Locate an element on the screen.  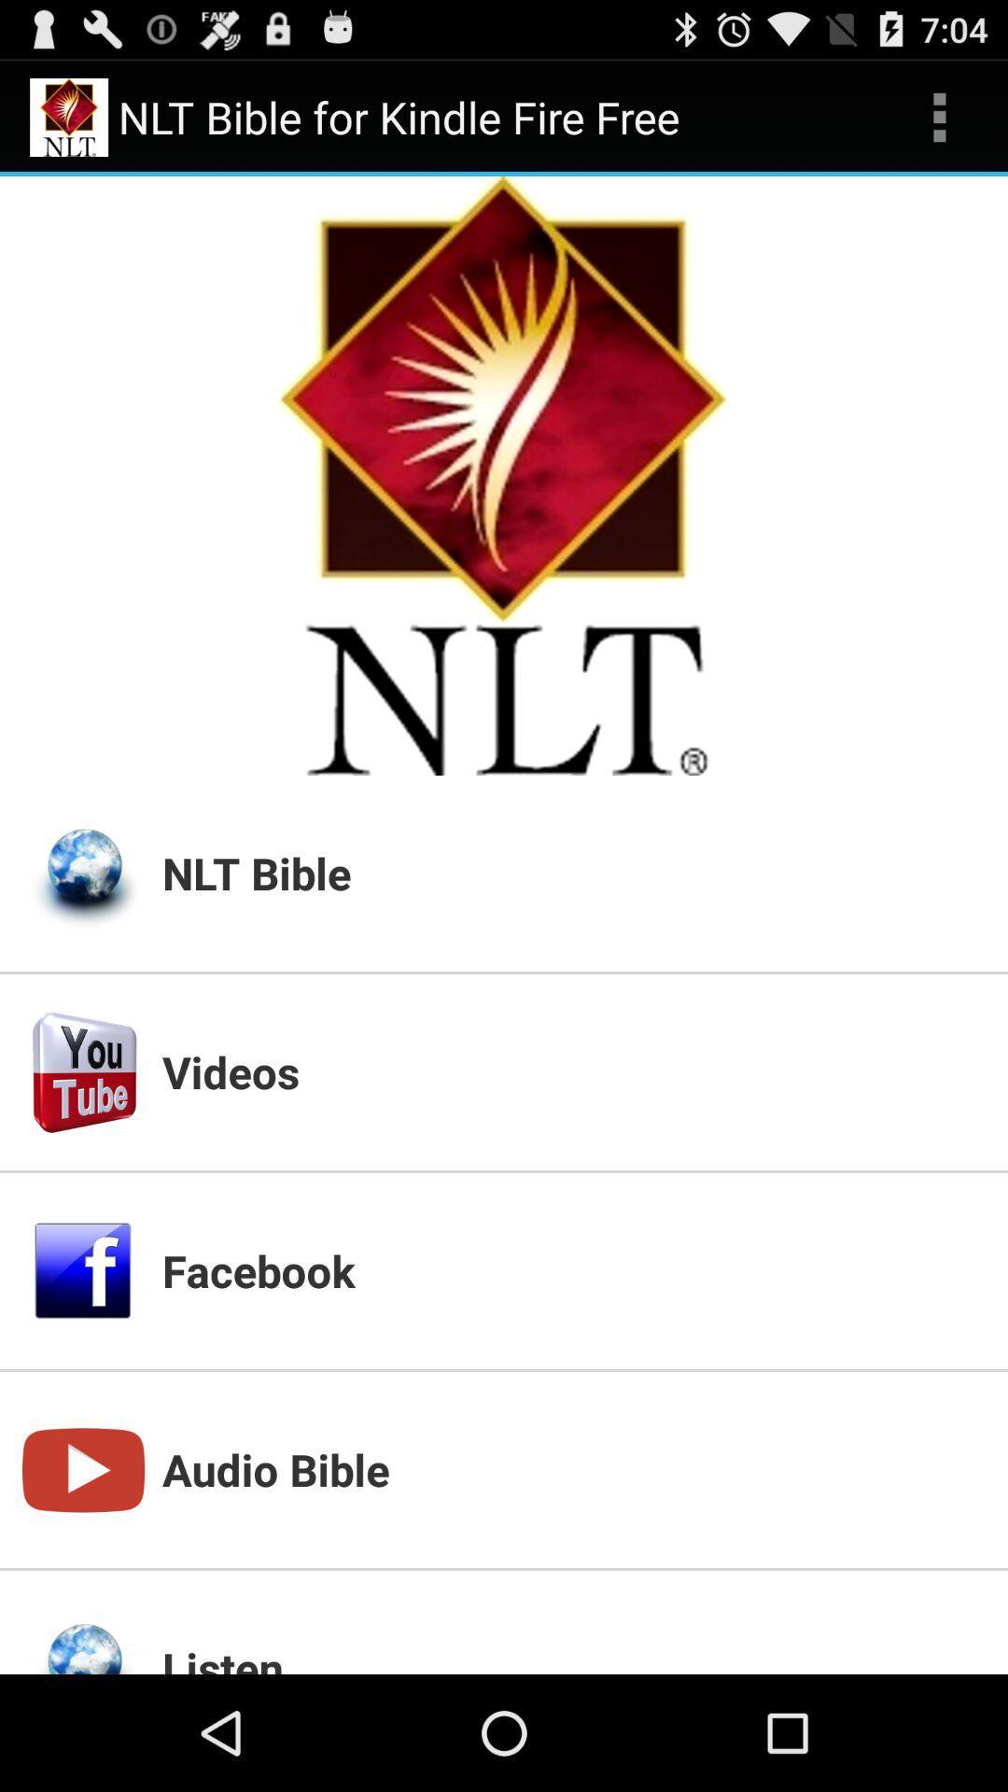
icon above the nlt bible app is located at coordinates (939, 116).